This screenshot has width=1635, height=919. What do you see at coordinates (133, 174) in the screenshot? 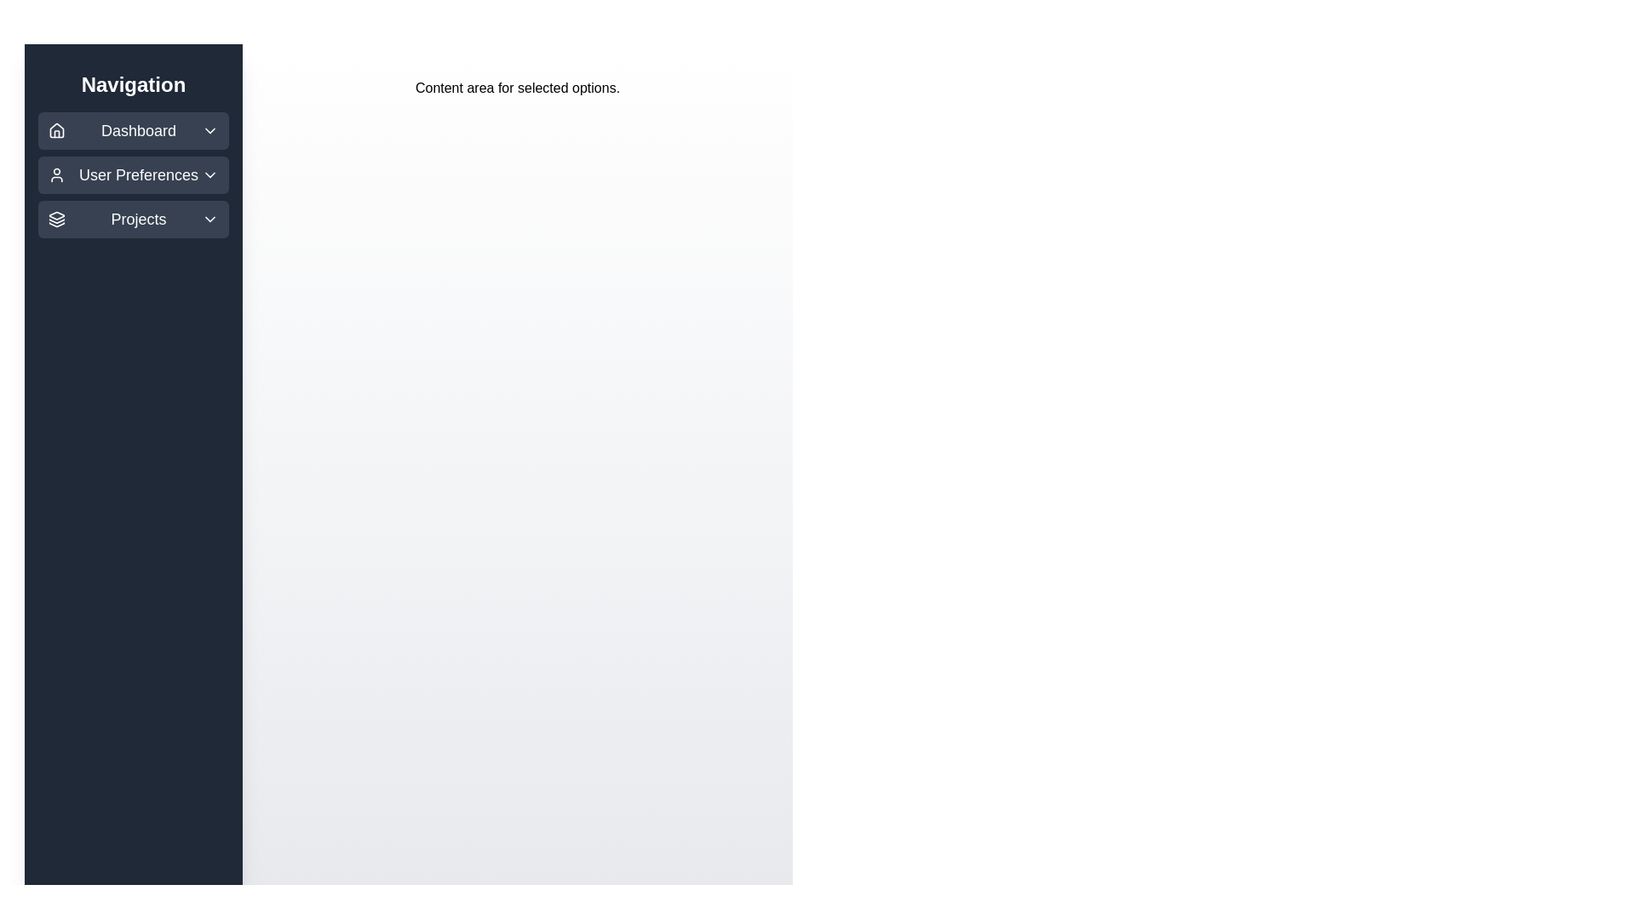
I see `the 'User Preferences' menu item in the navigation menu` at bounding box center [133, 174].